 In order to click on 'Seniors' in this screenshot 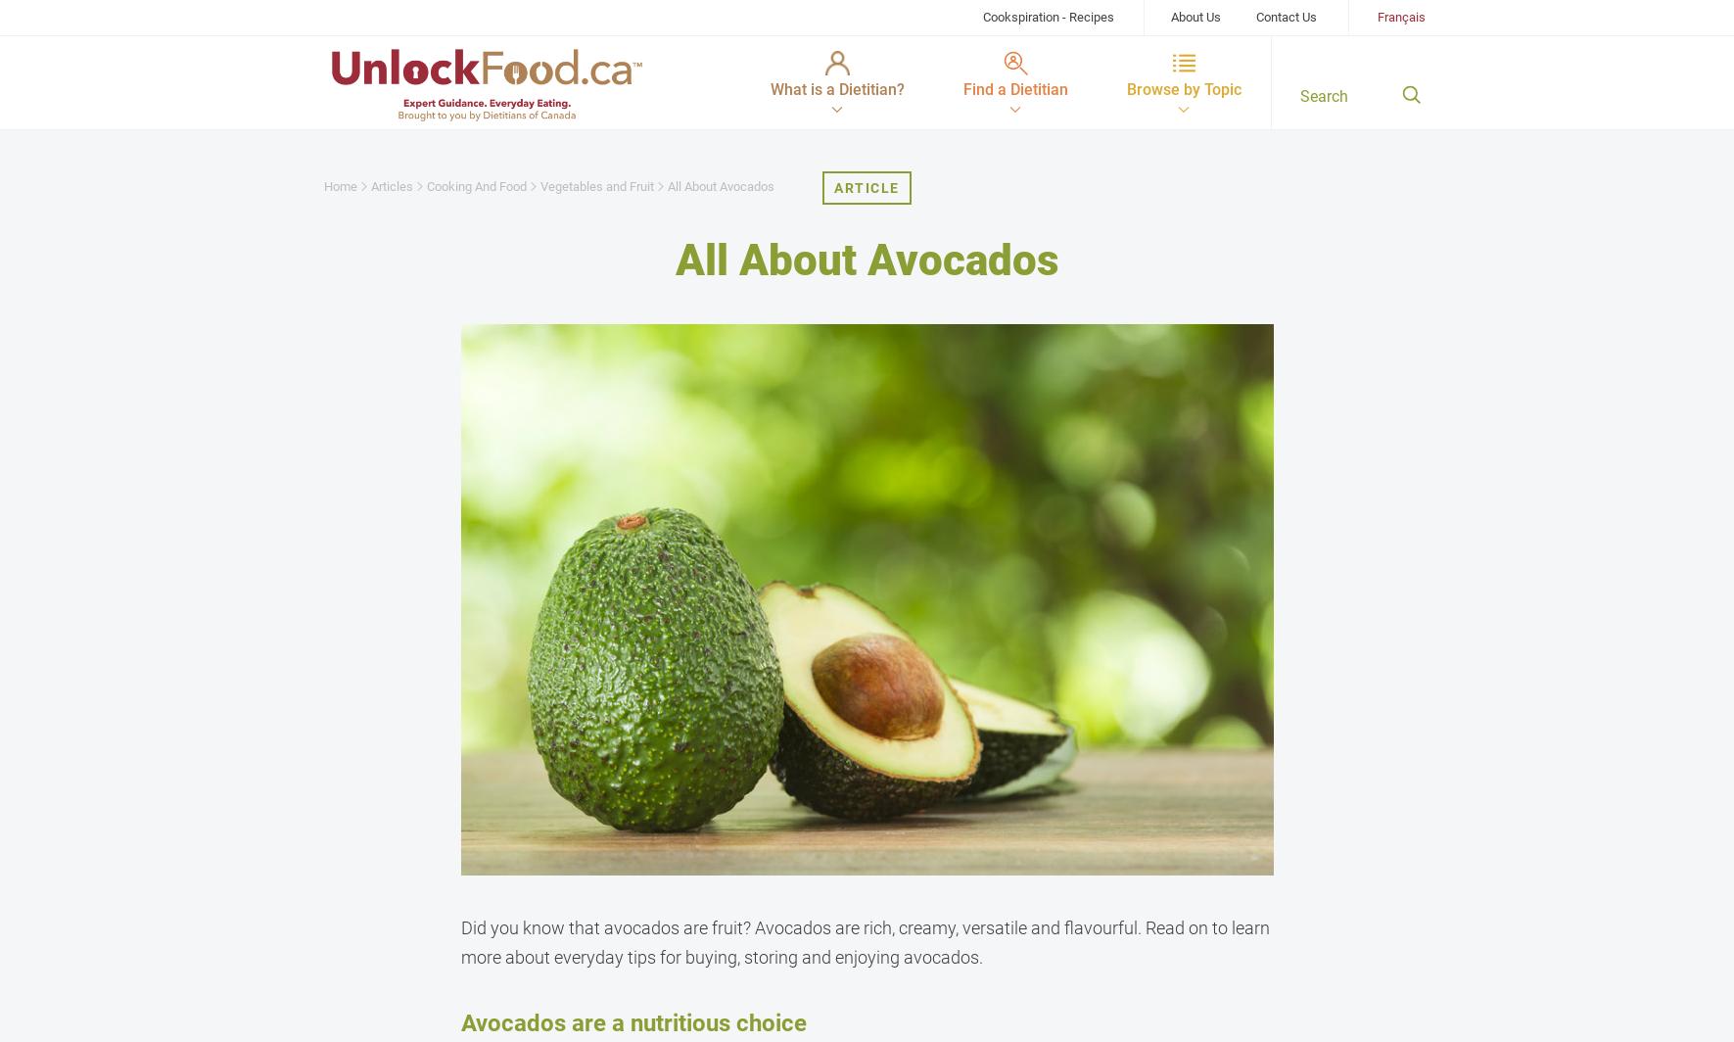, I will do `click(611, 351)`.